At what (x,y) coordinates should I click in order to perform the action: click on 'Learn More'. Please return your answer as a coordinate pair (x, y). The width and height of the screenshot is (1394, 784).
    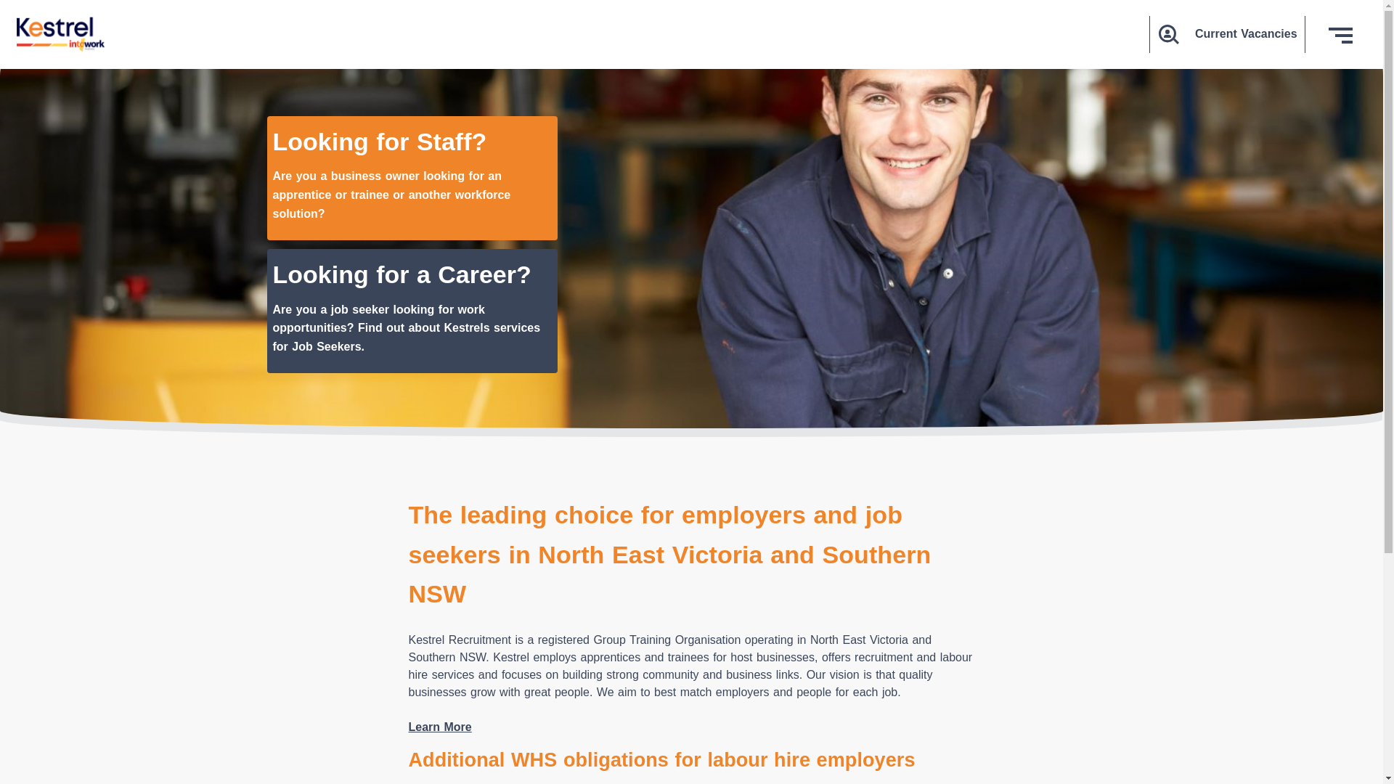
    Looking at the image, I should click on (407, 727).